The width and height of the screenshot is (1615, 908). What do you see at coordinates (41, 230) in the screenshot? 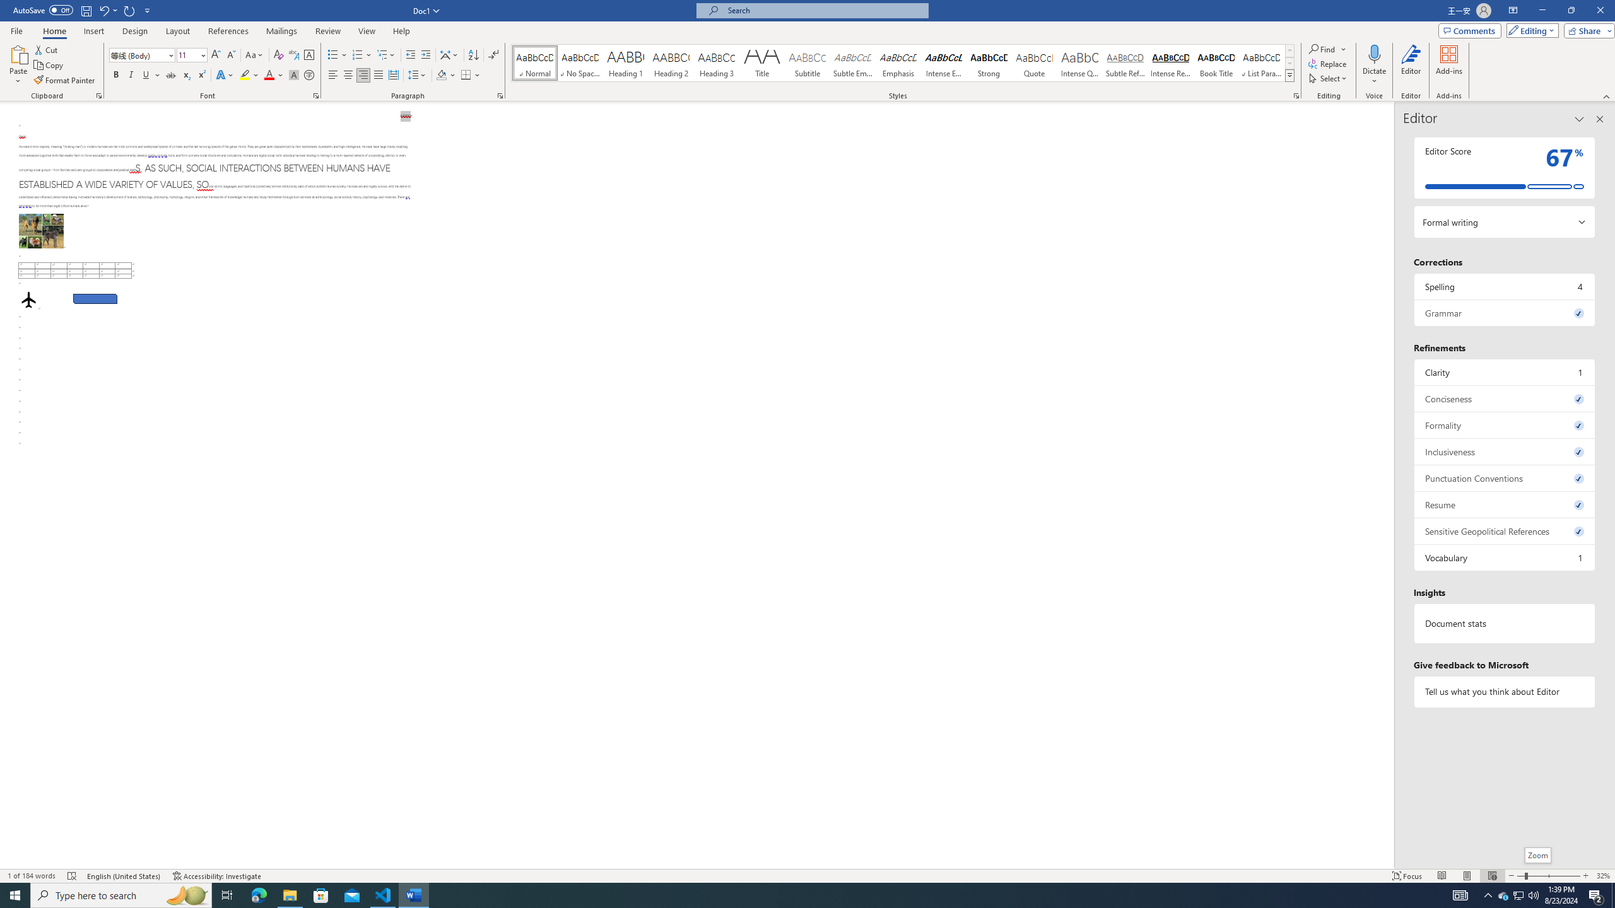
I see `'Morphological variation in six dogs'` at bounding box center [41, 230].